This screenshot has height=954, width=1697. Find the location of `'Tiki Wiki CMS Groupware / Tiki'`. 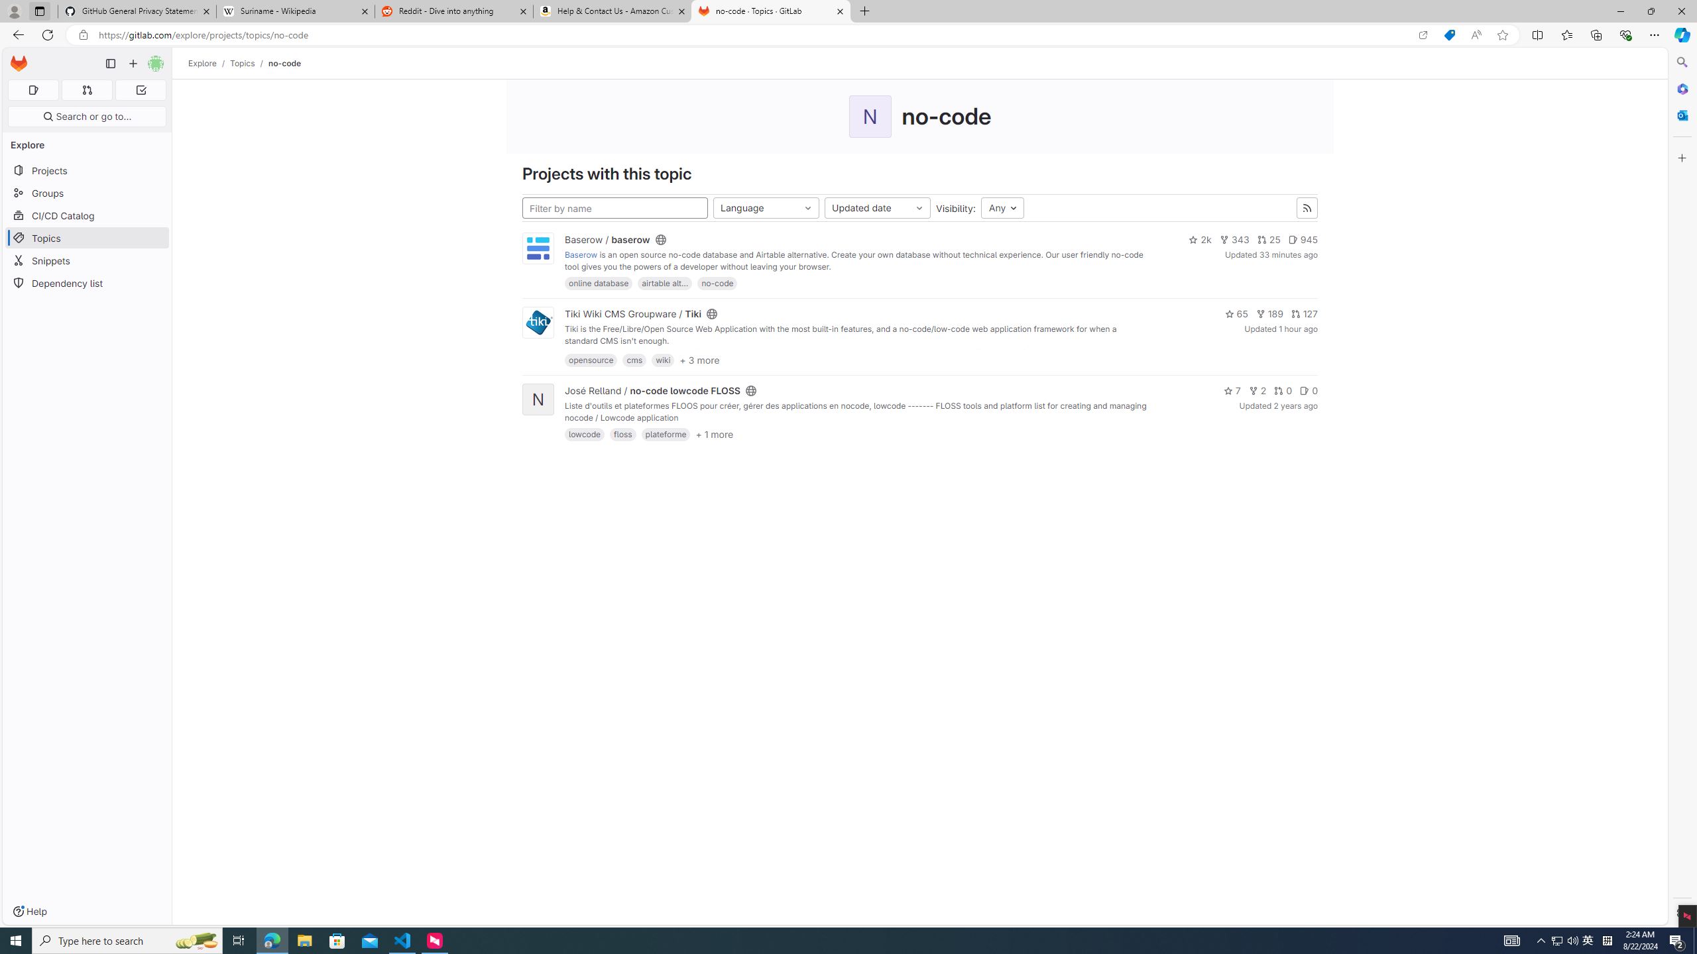

'Tiki Wiki CMS Groupware / Tiki' is located at coordinates (633, 313).